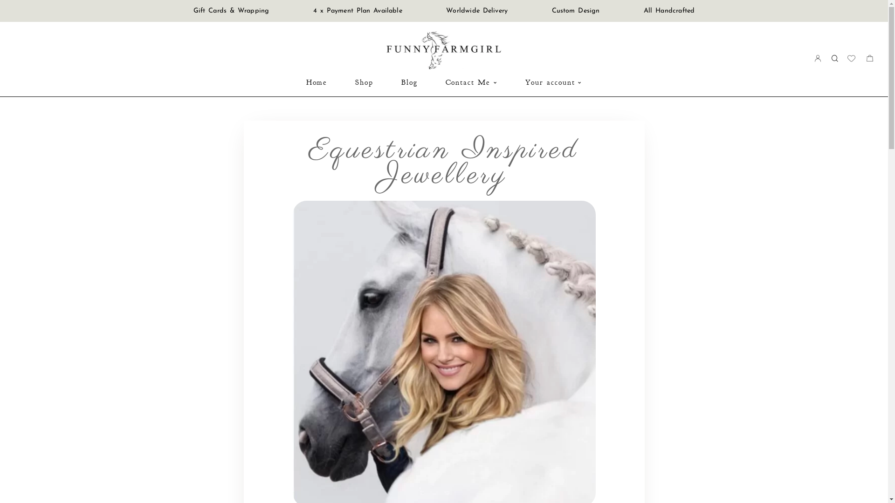 The width and height of the screenshot is (895, 503). I want to click on 'Your account', so click(511, 82).